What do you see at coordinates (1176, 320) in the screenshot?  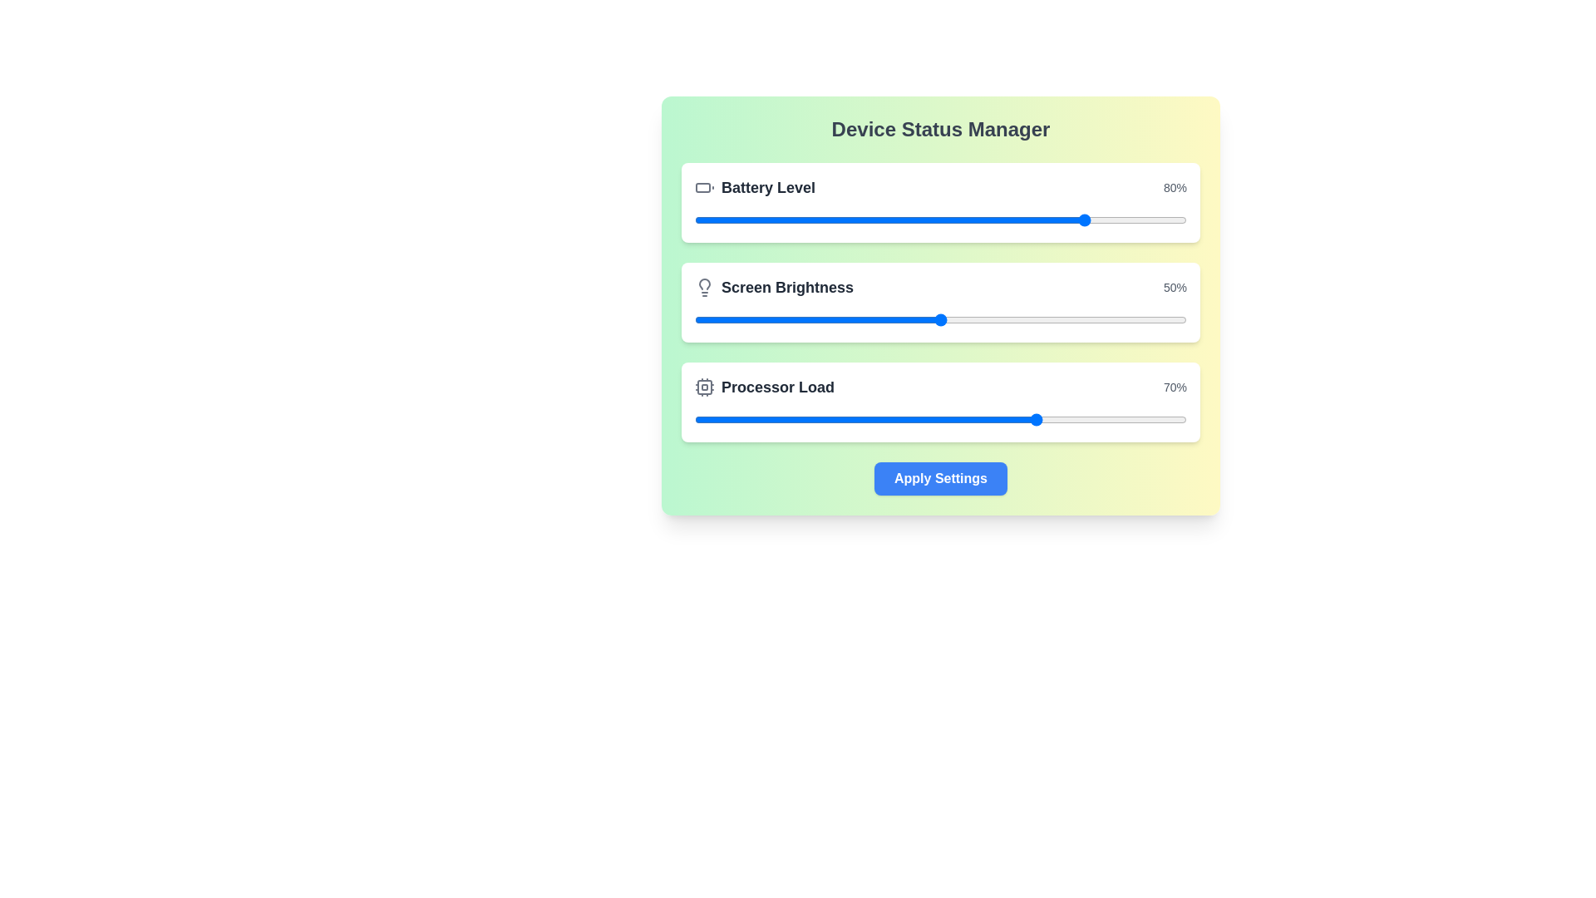 I see `the brightness level` at bounding box center [1176, 320].